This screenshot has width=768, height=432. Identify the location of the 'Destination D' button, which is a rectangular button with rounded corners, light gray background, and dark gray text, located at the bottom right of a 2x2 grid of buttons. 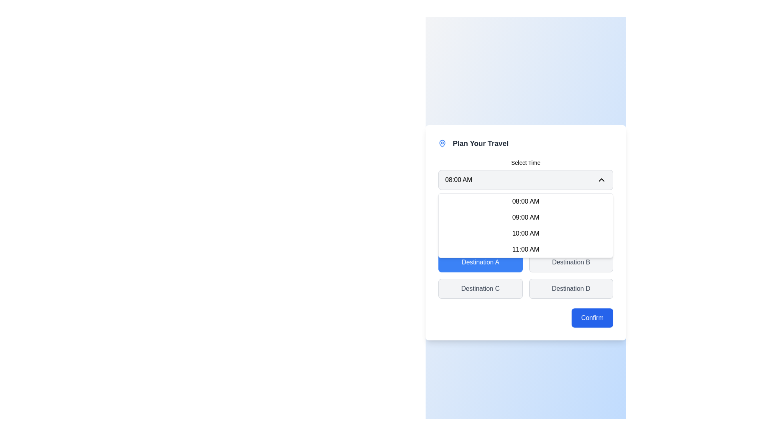
(570, 288).